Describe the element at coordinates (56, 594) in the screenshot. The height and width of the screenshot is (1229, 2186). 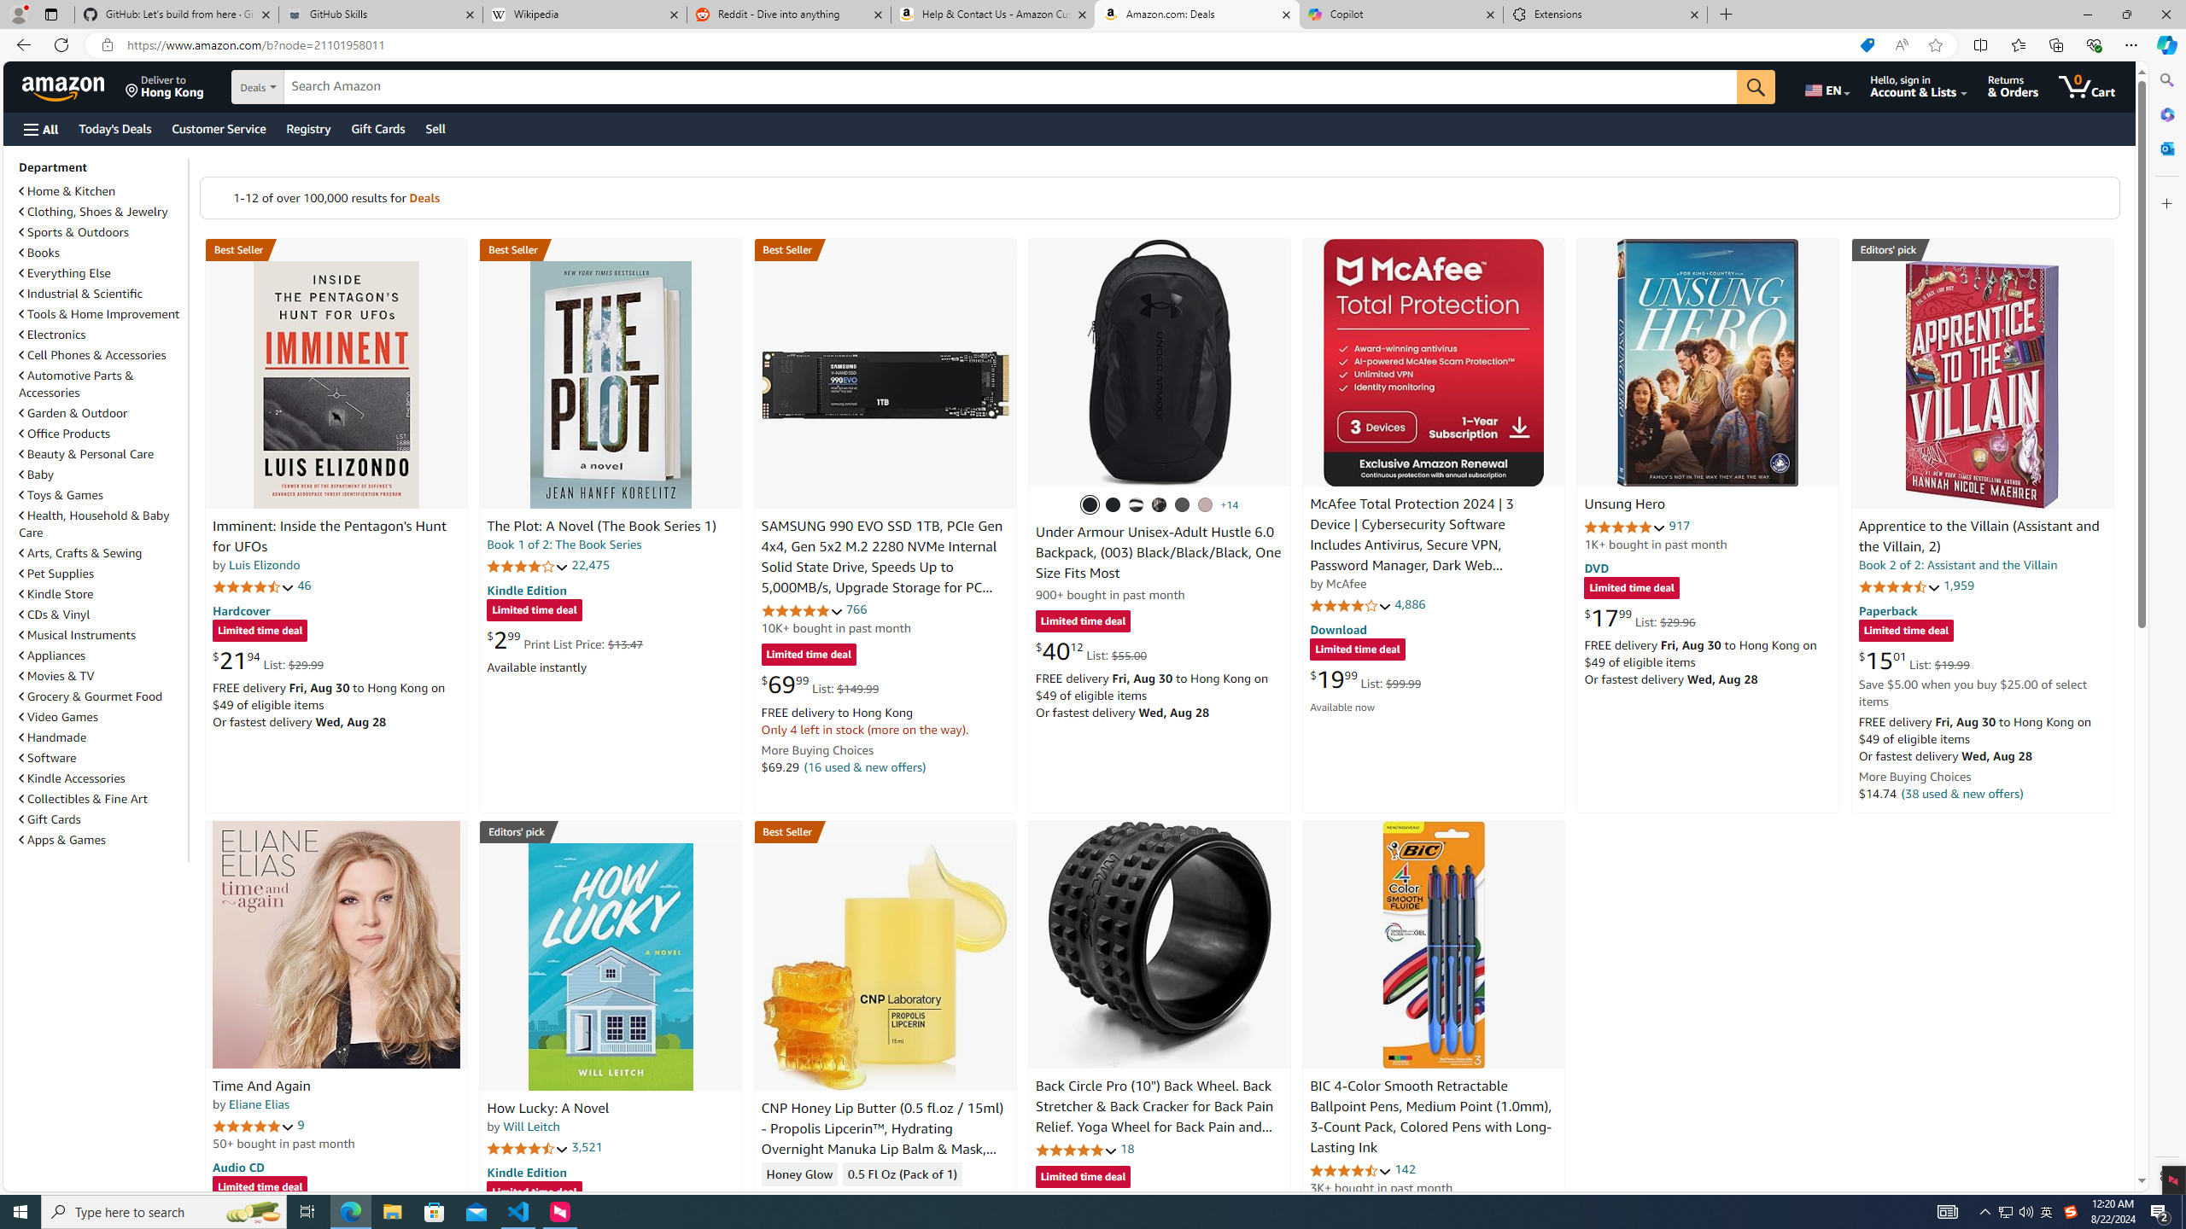
I see `'Kindle Store'` at that location.